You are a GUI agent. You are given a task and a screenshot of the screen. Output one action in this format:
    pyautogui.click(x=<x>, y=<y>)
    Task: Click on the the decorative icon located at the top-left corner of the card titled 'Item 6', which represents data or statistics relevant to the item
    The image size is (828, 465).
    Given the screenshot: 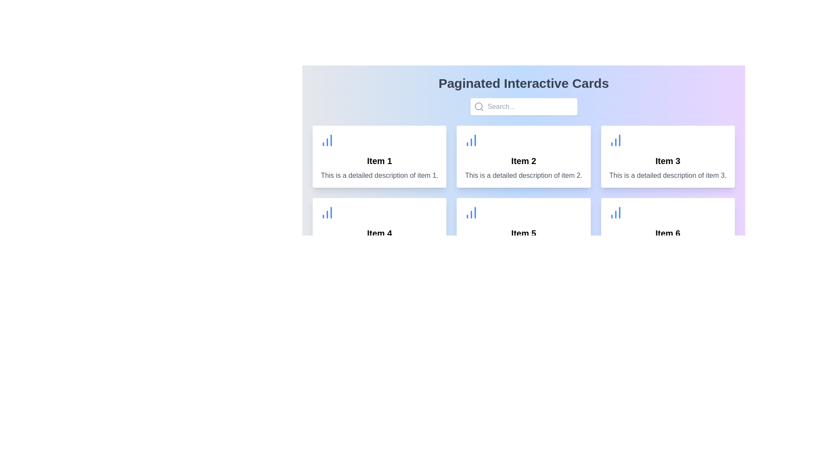 What is the action you would take?
    pyautogui.click(x=615, y=212)
    